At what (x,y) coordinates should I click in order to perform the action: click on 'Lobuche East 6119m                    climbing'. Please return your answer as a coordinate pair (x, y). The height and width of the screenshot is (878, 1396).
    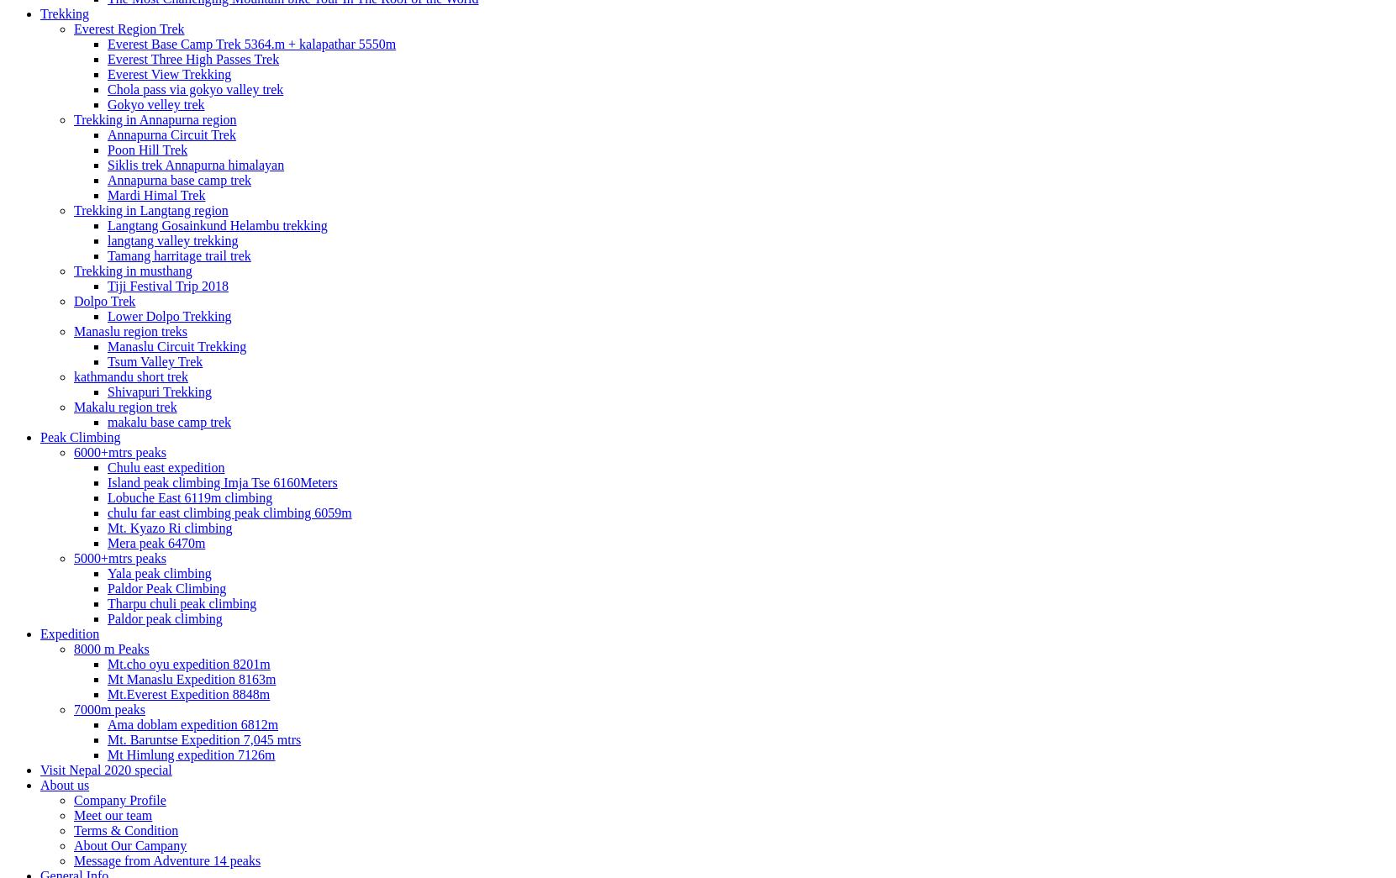
    Looking at the image, I should click on (189, 496).